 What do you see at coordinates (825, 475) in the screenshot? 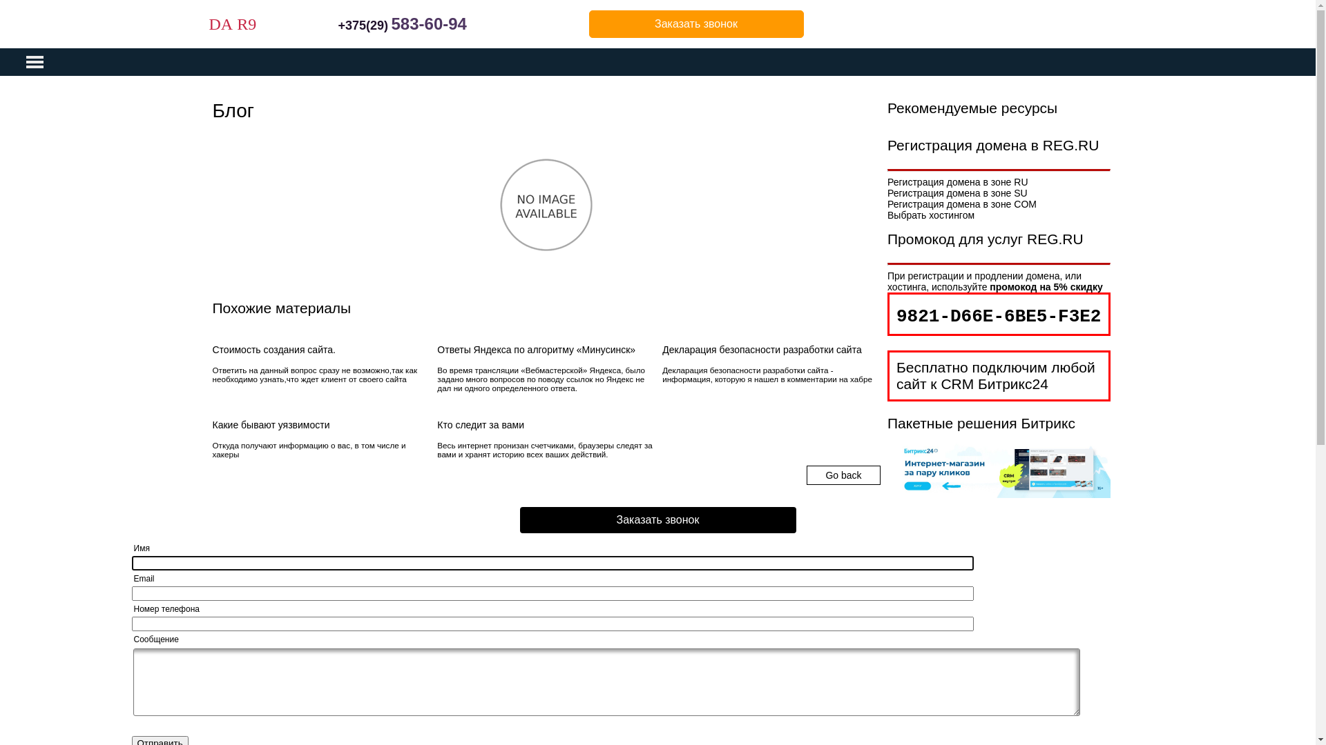
I see `'Go back'` at bounding box center [825, 475].